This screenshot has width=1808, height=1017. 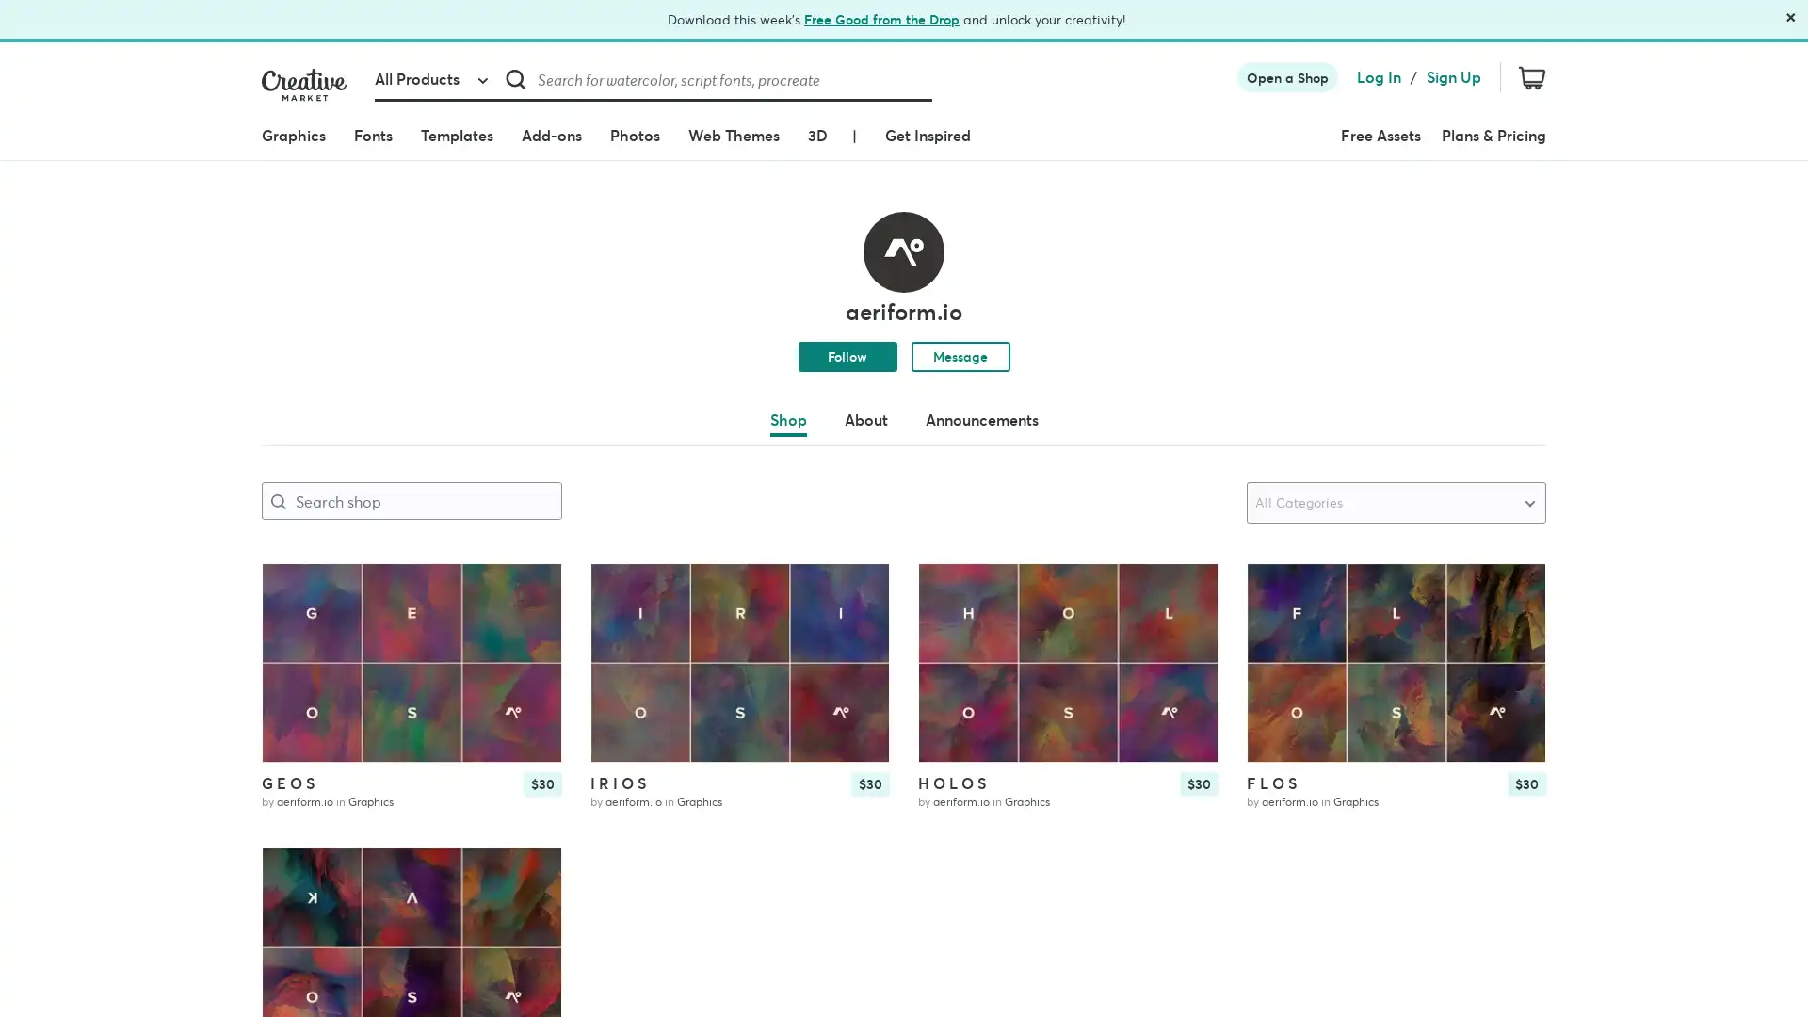 What do you see at coordinates (292, 878) in the screenshot?
I see `Pin to Pinterest` at bounding box center [292, 878].